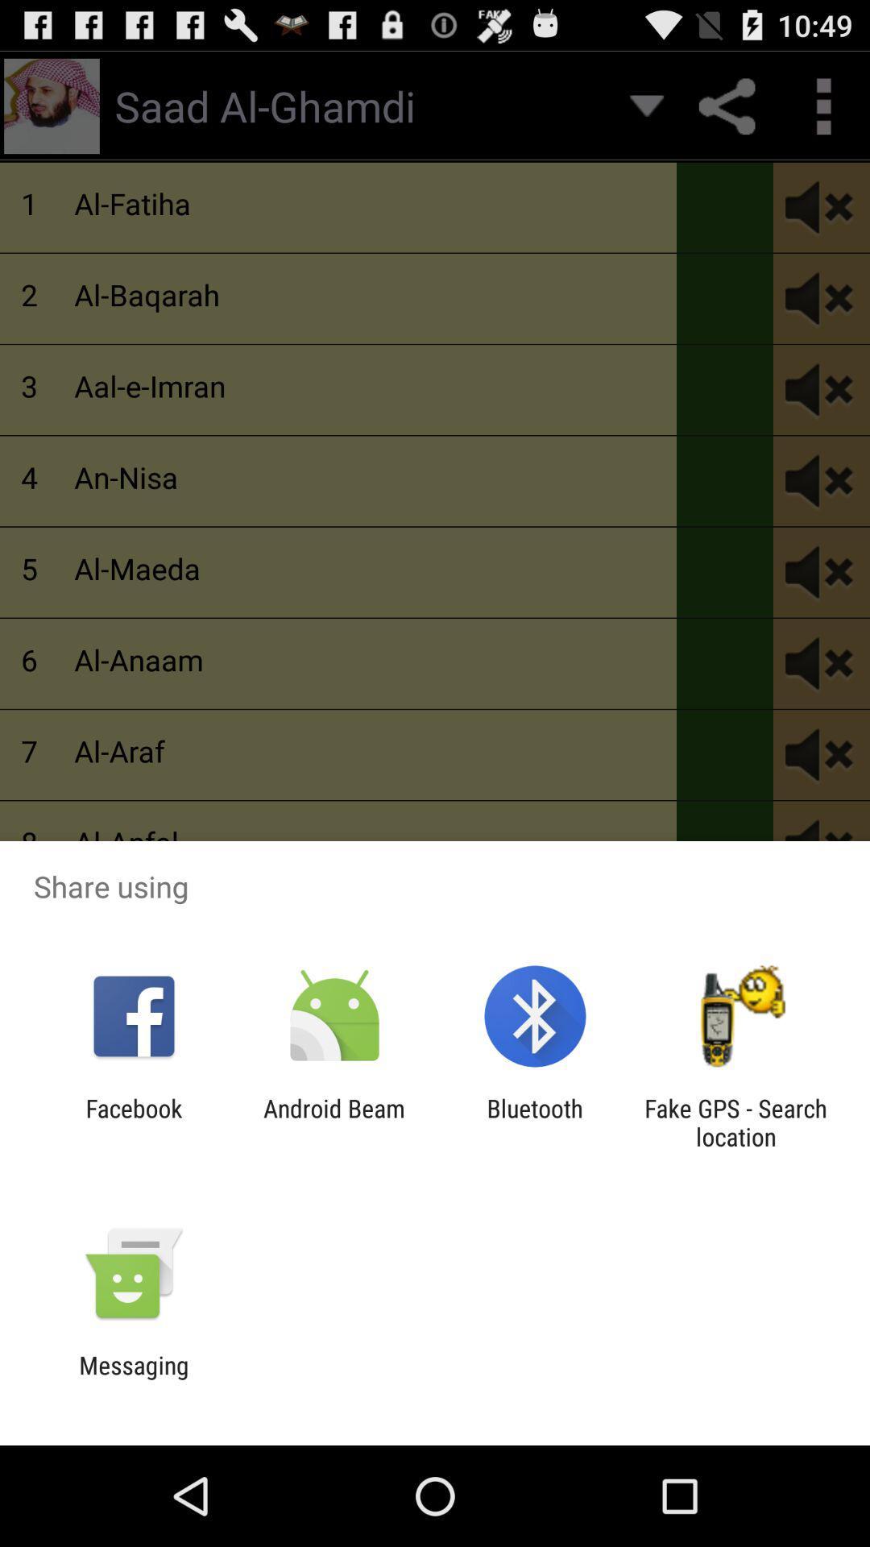 This screenshot has width=870, height=1547. Describe the element at coordinates (333, 1122) in the screenshot. I see `app next to bluetooth icon` at that location.